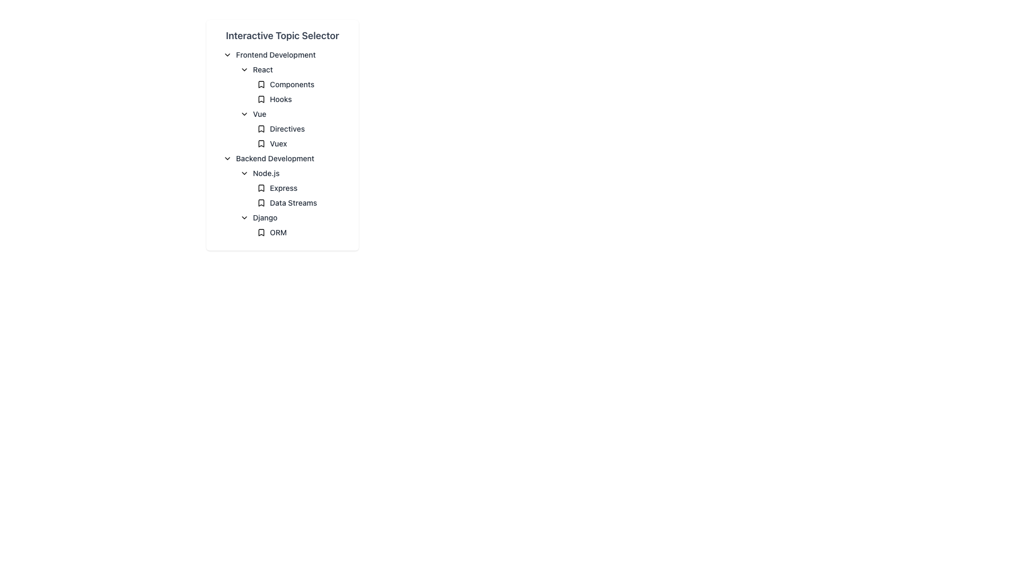 The height and width of the screenshot is (571, 1016). I want to click on the 'Data Streams' menu item located under the 'Node.js' category, so click(287, 196).